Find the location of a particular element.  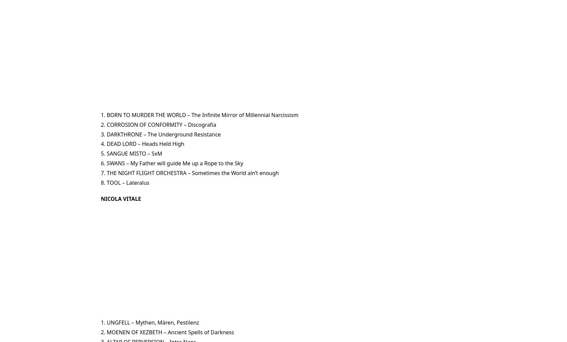

'2. CORROSION OF CONFORMITY – Discografia' is located at coordinates (158, 124).